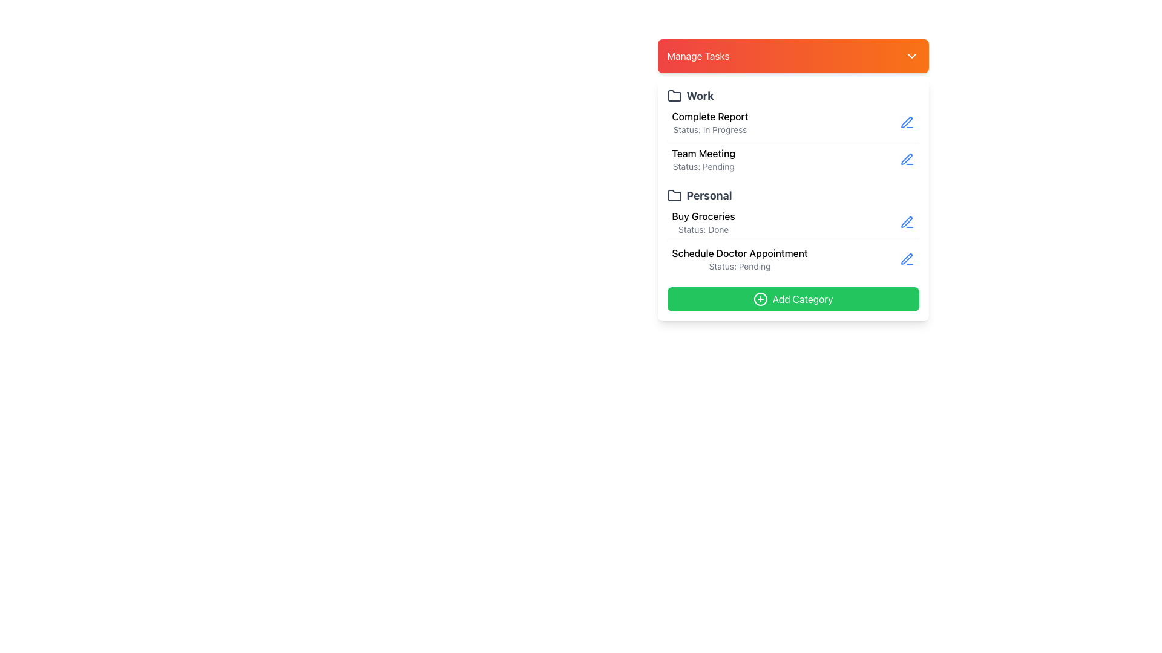  I want to click on text content of the Task item display labeled 'Complete Report' with the status 'In Progress', located under the 'Work' category as the first item in the task list, so click(710, 123).